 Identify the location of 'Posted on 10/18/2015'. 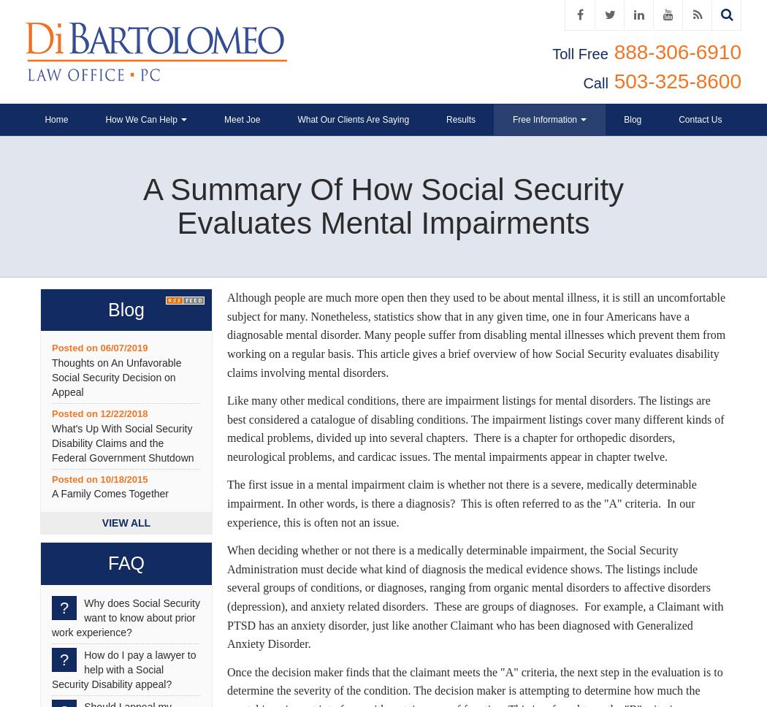
(99, 478).